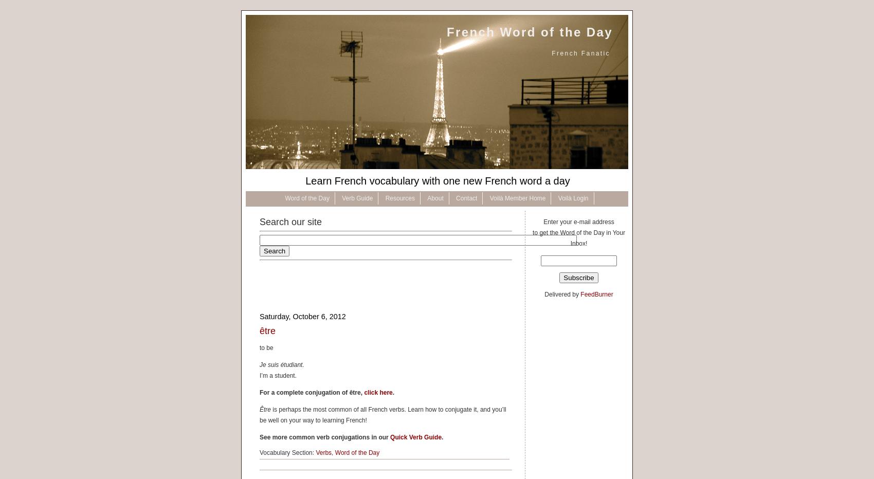  Describe the element at coordinates (573, 198) in the screenshot. I see `'Voilà Login'` at that location.